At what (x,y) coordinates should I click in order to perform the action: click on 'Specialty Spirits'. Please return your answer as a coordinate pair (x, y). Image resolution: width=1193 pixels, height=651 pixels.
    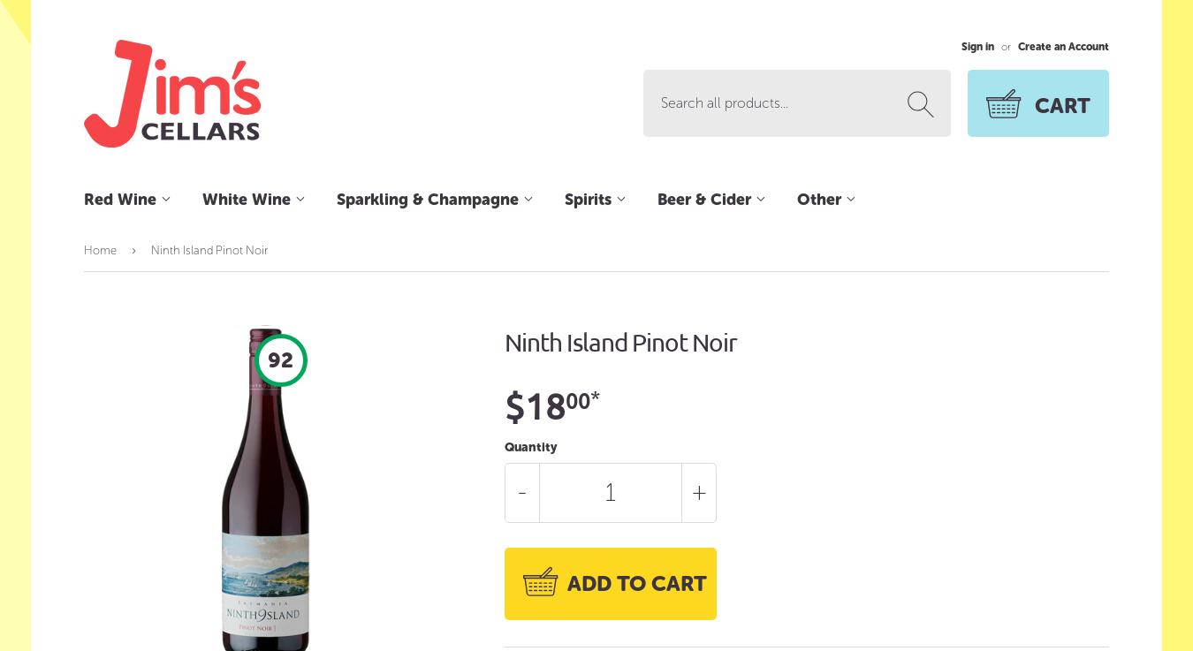
    Looking at the image, I should click on (617, 591).